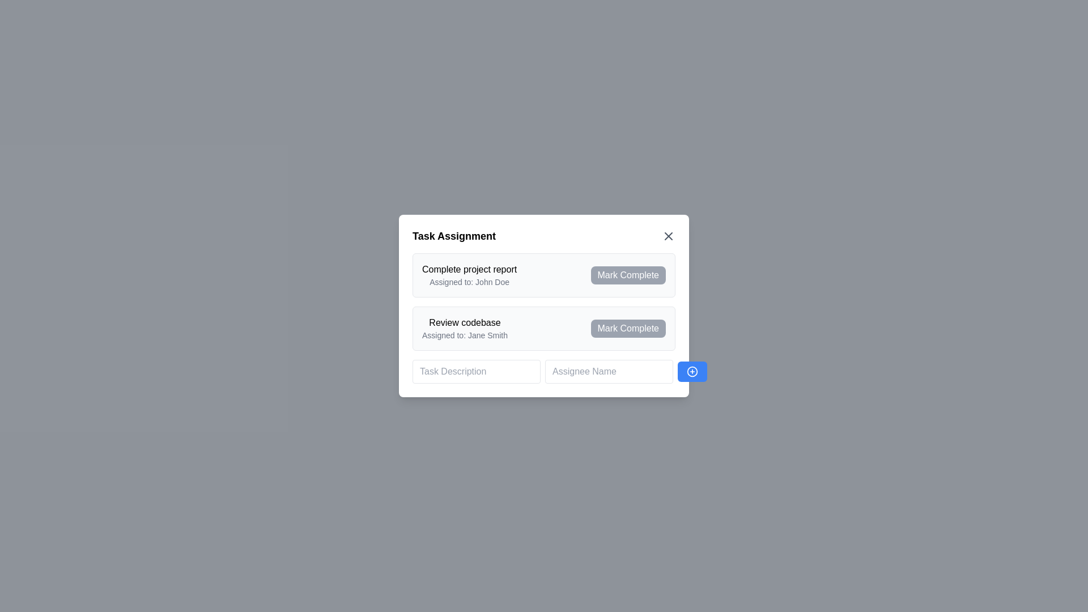 This screenshot has width=1088, height=612. Describe the element at coordinates (476, 371) in the screenshot. I see `the input text field with placeholder 'Task Description' to focus on it` at that location.